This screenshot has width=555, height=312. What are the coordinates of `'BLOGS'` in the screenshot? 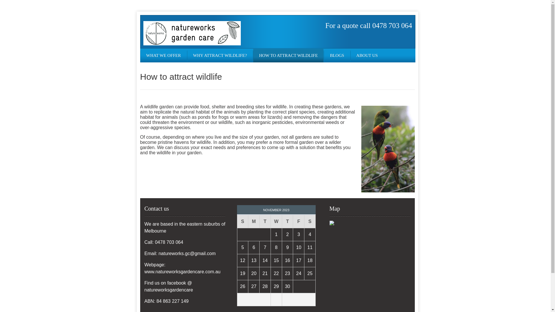 It's located at (337, 55).